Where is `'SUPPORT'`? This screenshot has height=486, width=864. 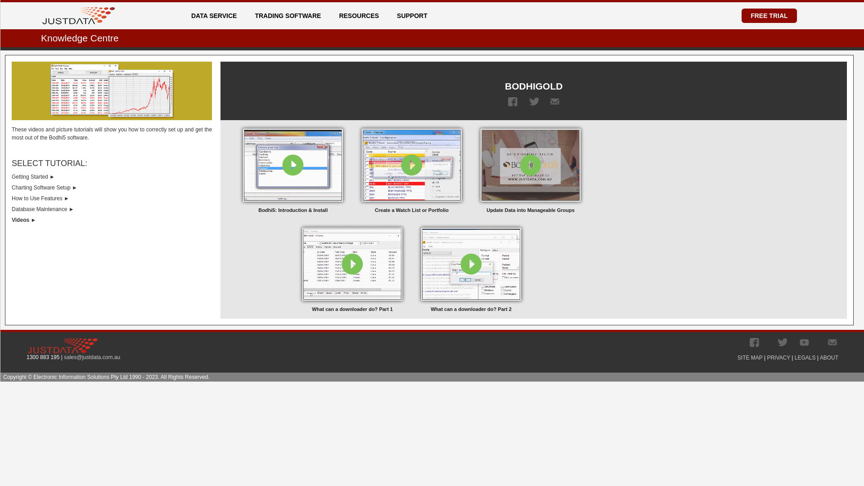 'SUPPORT' is located at coordinates (414, 15).